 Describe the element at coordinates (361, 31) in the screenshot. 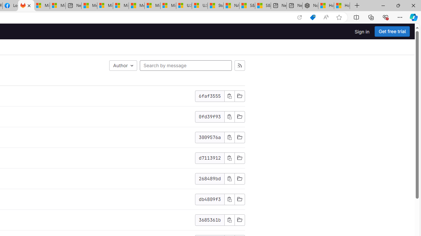

I see `'Sign in'` at that location.